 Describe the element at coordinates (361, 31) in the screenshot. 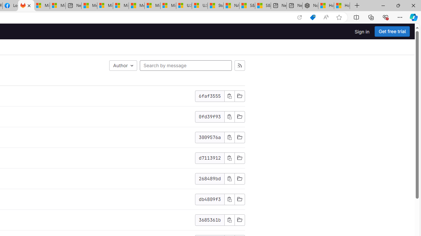

I see `'Sign in'` at that location.